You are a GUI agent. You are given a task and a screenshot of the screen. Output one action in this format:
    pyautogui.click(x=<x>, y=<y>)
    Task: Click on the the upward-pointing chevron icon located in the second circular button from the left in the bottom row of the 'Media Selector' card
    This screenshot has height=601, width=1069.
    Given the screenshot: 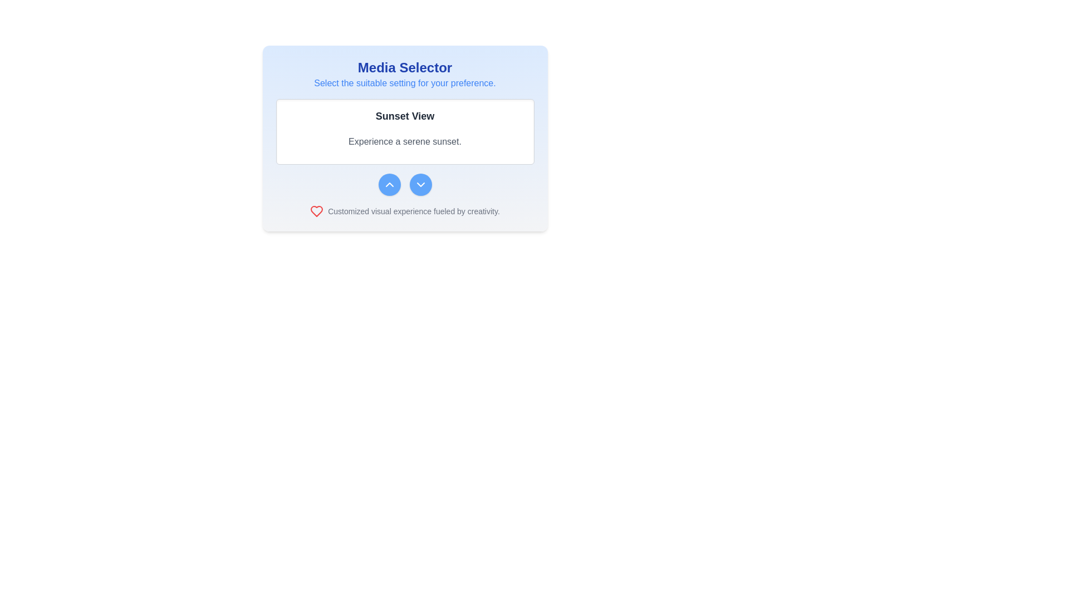 What is the action you would take?
    pyautogui.click(x=389, y=184)
    